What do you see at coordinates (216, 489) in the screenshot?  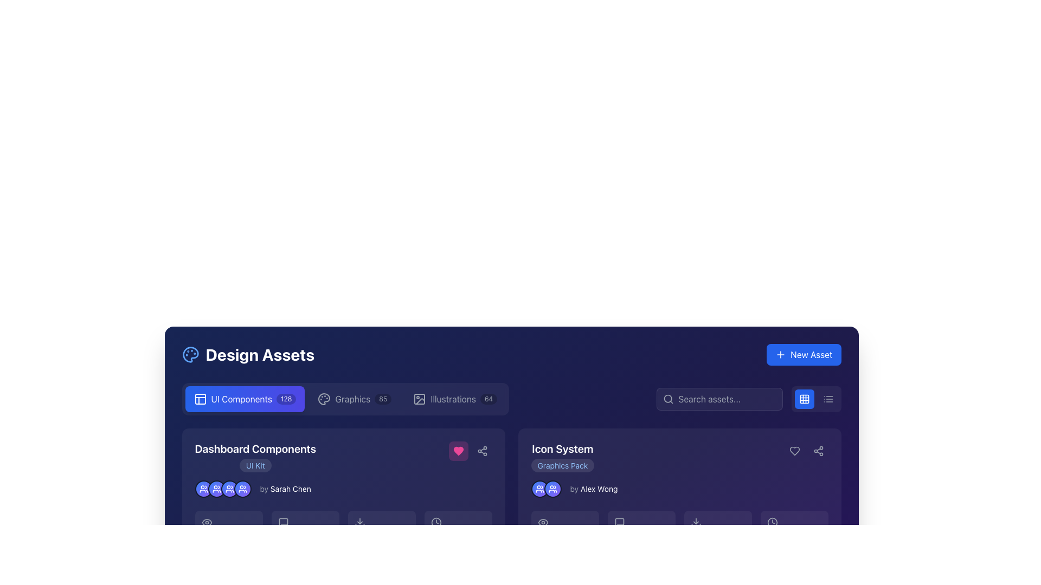 I see `Avatar icon, which is a circular UI component with a gradient background transitioning from blue to violet, featuring a white group of people icon and a dark border, located in the lower portion of the card labeled 'Dashboard Components'` at bounding box center [216, 489].